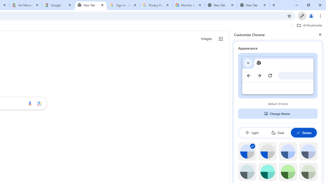  What do you see at coordinates (288, 172) in the screenshot?
I see `'Green'` at bounding box center [288, 172].